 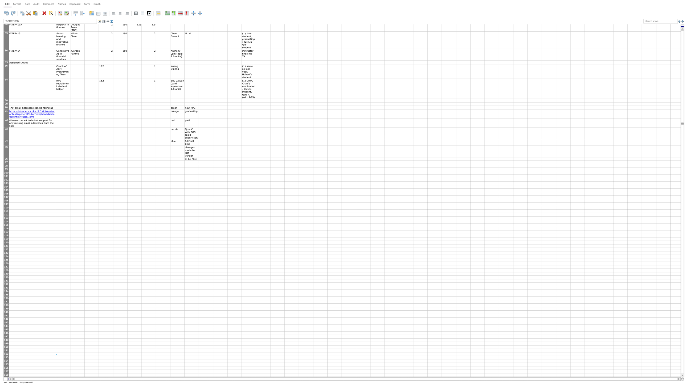 I want to click on Place cursor on row 153, so click(x=6, y=357).